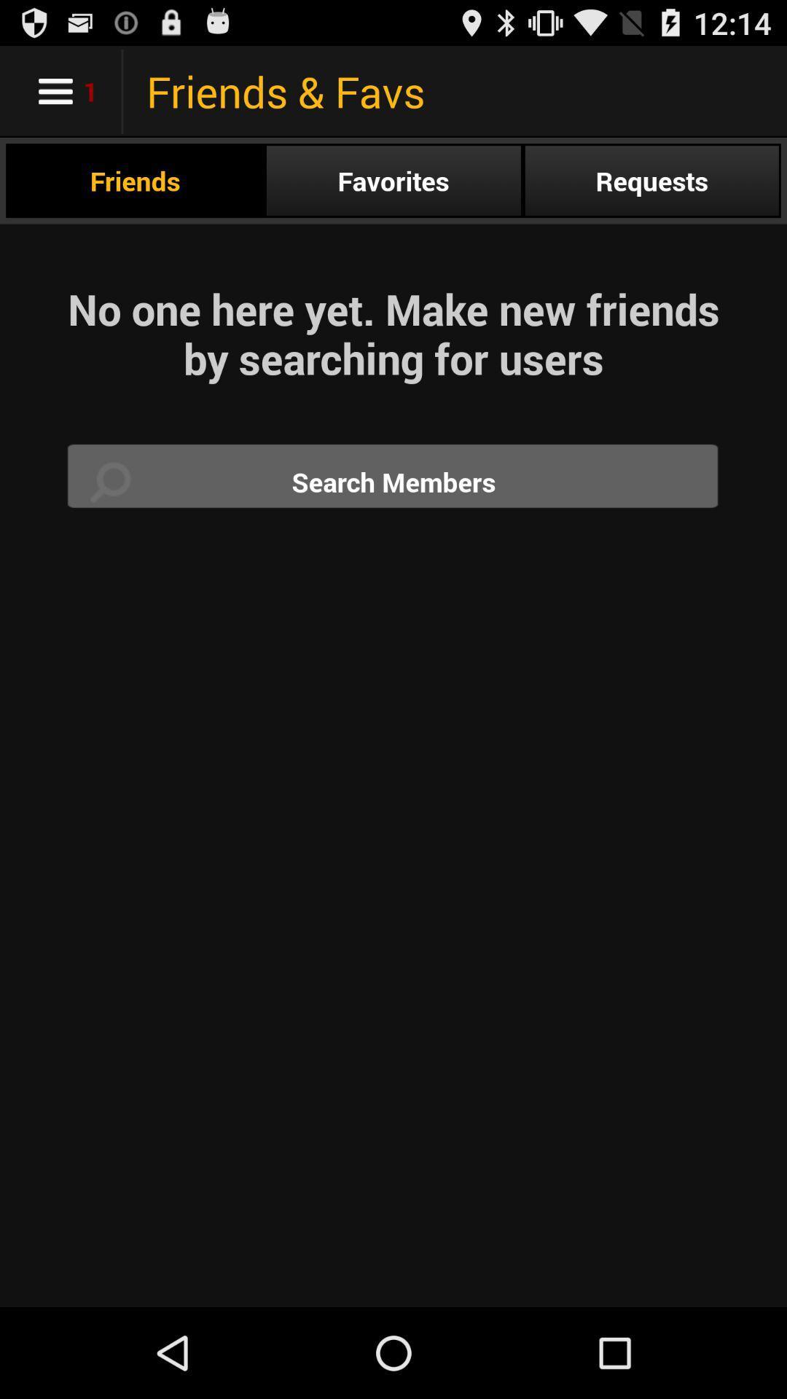 This screenshot has width=787, height=1399. Describe the element at coordinates (651, 180) in the screenshot. I see `requests item` at that location.